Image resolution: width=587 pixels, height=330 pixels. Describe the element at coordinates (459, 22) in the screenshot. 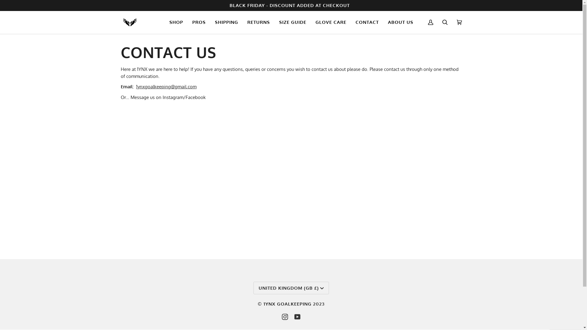

I see `'Cart` at that location.